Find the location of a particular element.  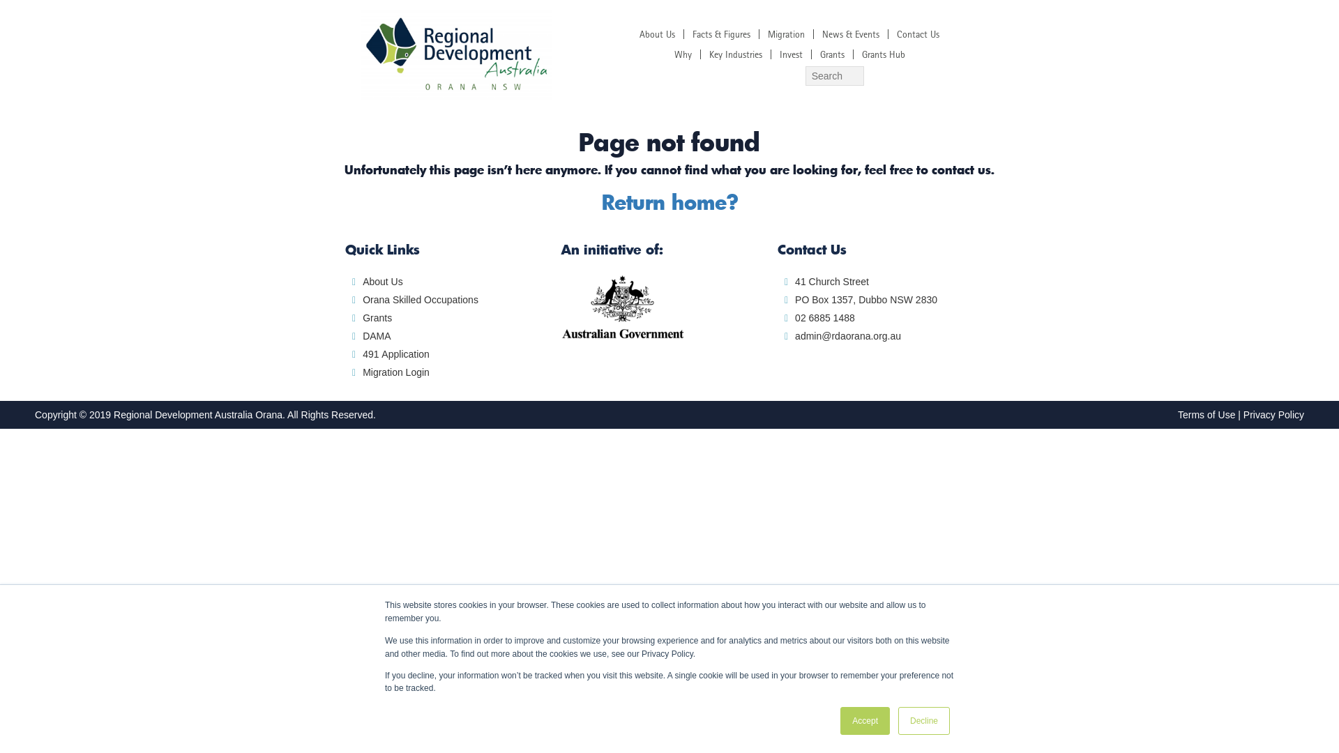

'Facts & Figures' is located at coordinates (721, 33).